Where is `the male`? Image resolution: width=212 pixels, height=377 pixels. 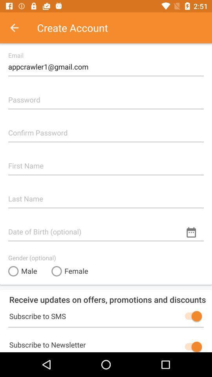
the male is located at coordinates (22, 271).